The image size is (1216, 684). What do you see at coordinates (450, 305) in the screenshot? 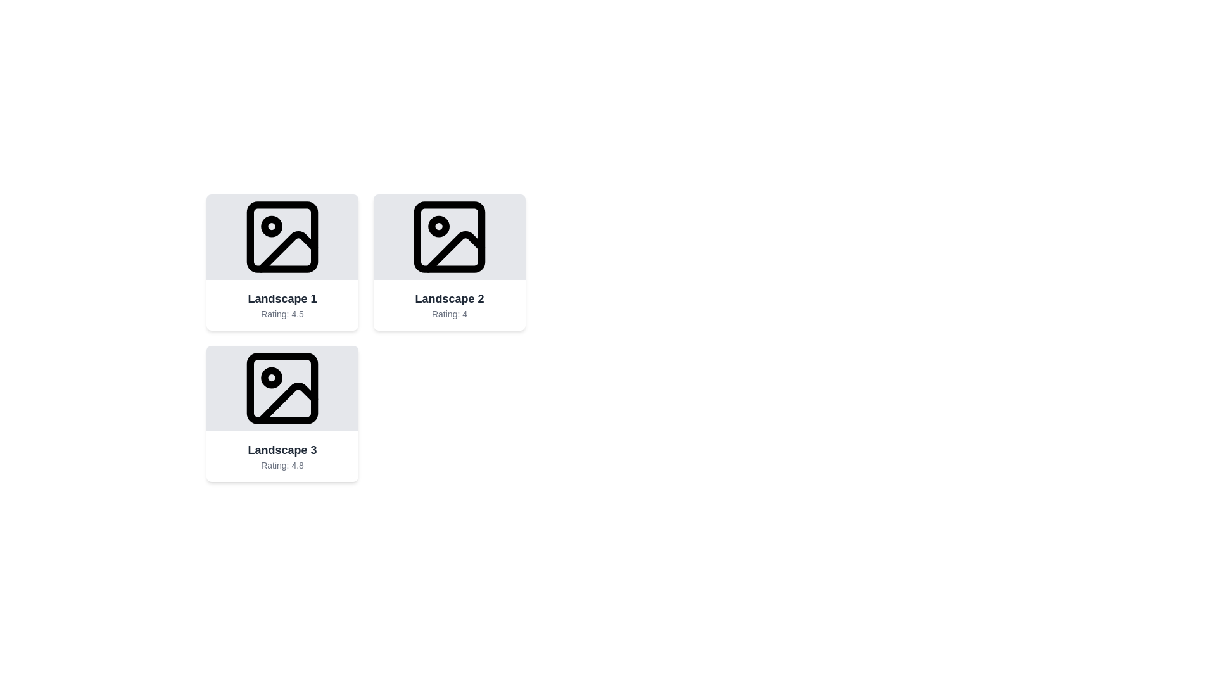
I see `the text block element containing 'Landscape 2' and 'Rating: 4' which is located in the second column of the first row of the grid` at bounding box center [450, 305].